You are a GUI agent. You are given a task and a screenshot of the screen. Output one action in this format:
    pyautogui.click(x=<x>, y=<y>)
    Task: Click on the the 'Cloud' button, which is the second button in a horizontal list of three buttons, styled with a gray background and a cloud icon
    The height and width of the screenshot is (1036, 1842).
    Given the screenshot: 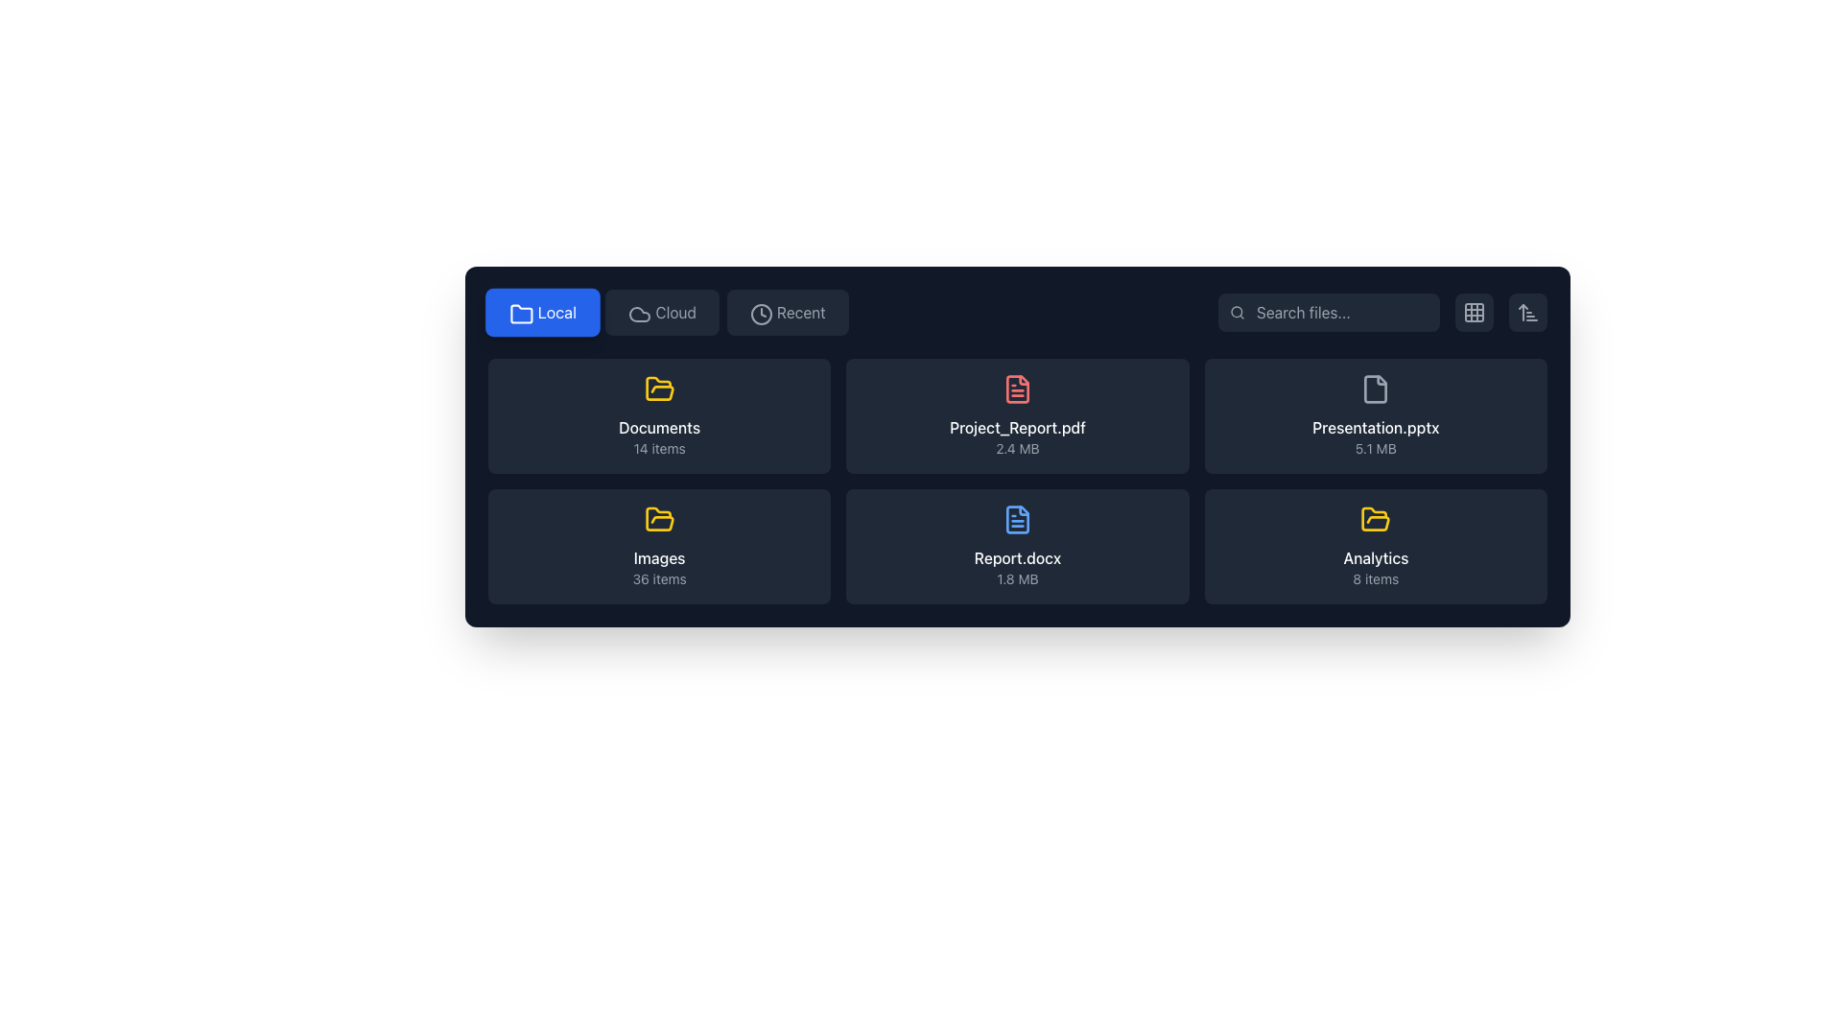 What is the action you would take?
    pyautogui.click(x=662, y=312)
    